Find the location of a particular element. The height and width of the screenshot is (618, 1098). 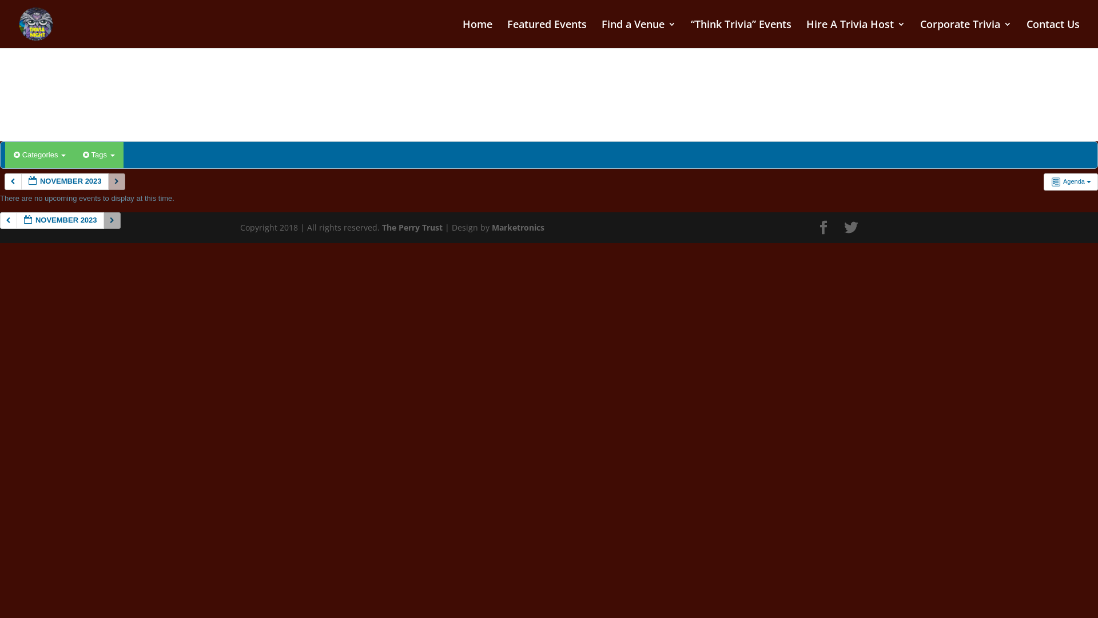

'Corporate Trivia' is located at coordinates (965, 33).